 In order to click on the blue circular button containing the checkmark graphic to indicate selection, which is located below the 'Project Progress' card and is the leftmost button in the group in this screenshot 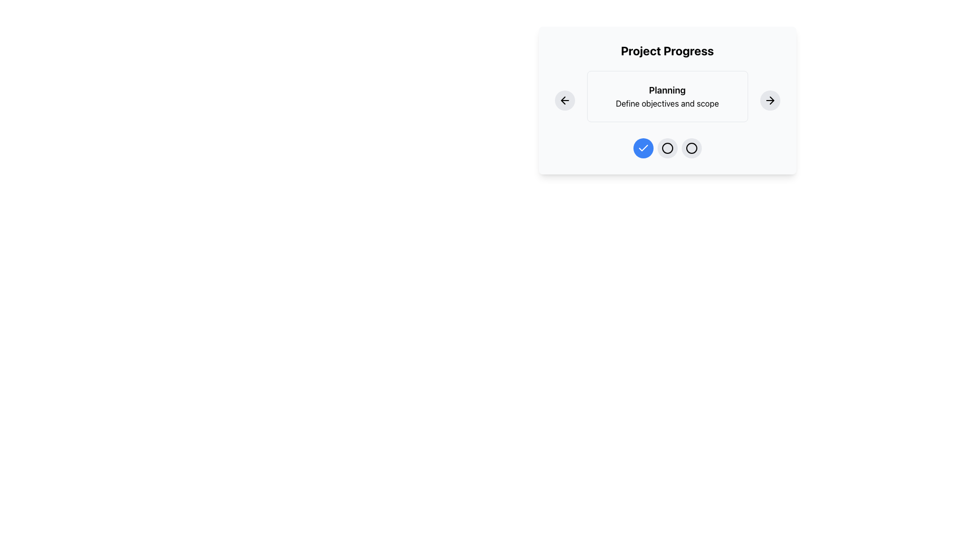, I will do `click(642, 148)`.